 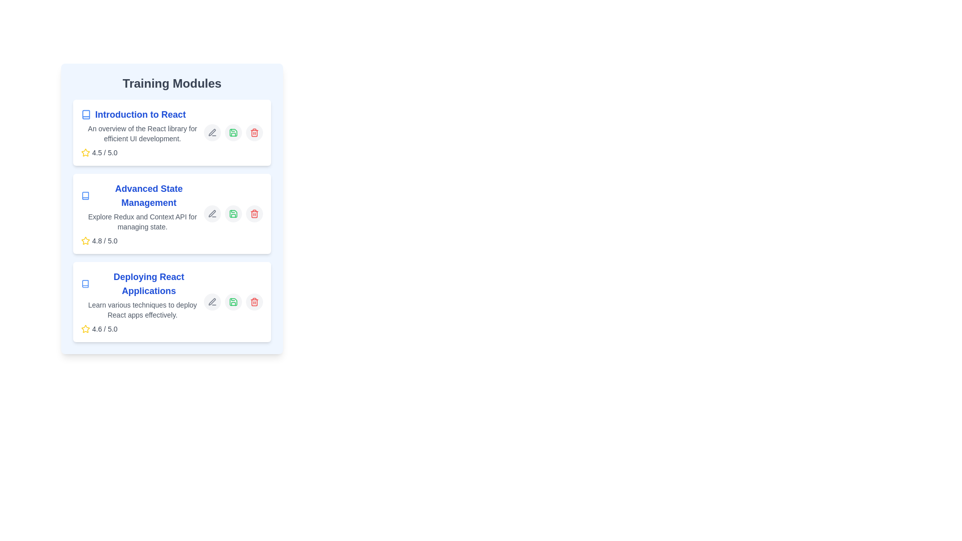 What do you see at coordinates (255, 213) in the screenshot?
I see `the delete button located to the far right in the row of three buttons for the 'Advanced State Management' training module to change its background color` at bounding box center [255, 213].